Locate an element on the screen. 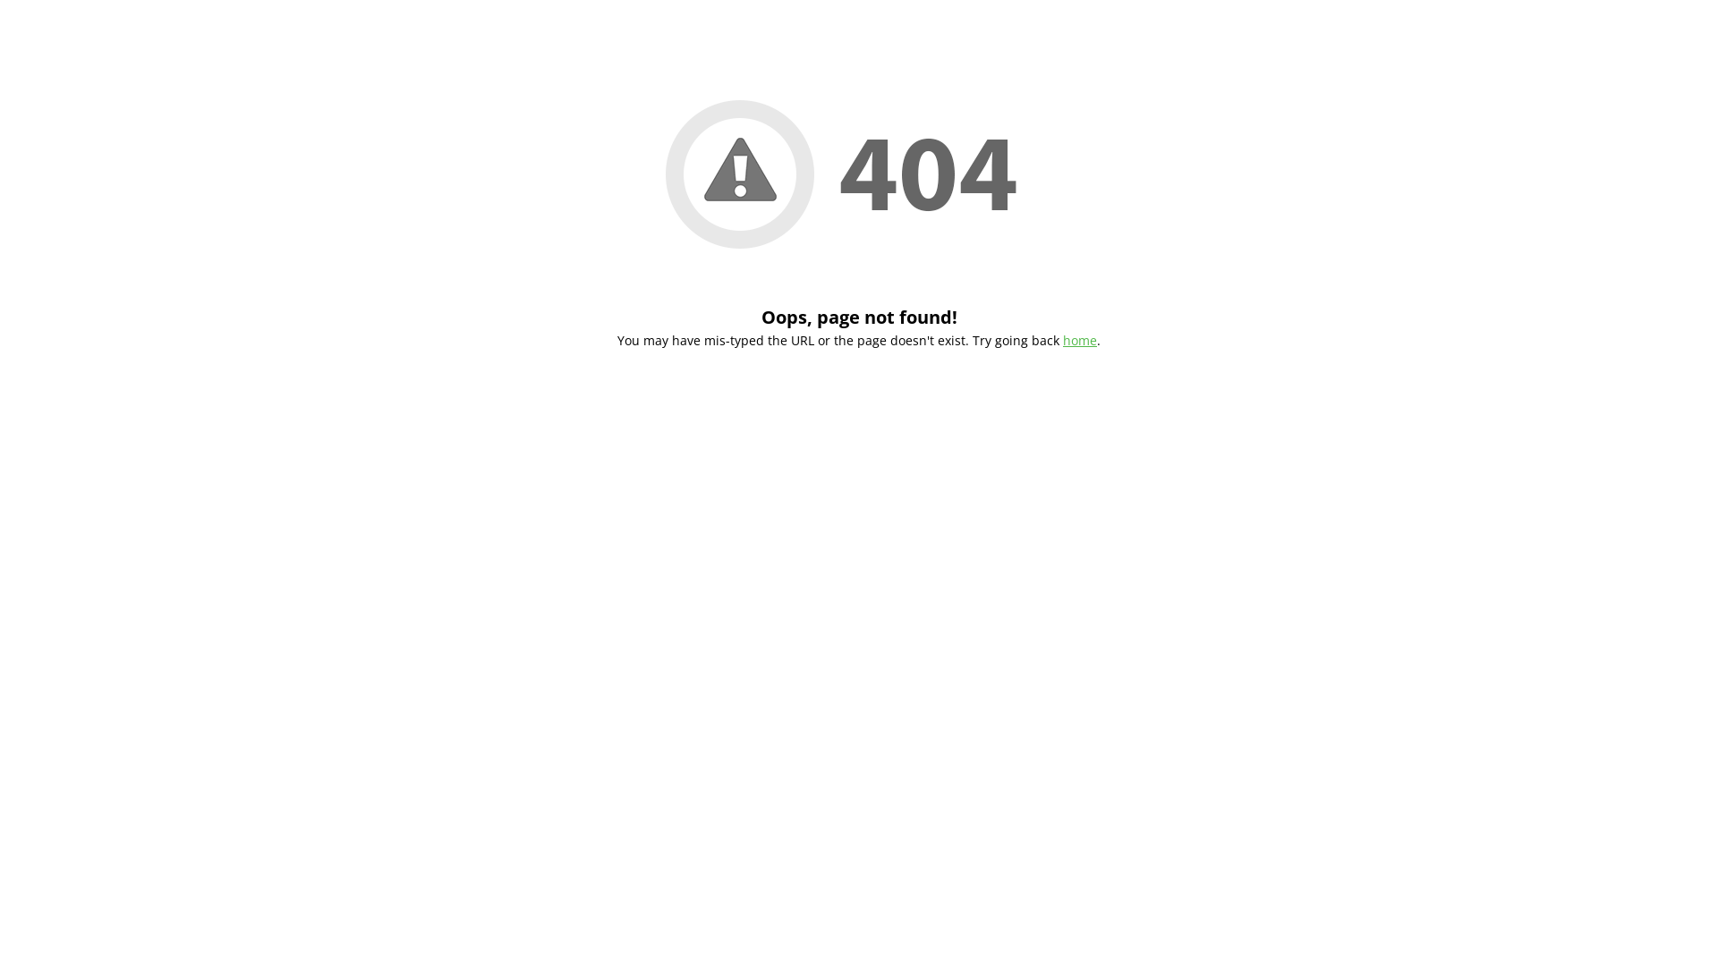 The width and height of the screenshot is (1718, 966). 'home' is located at coordinates (1078, 340).